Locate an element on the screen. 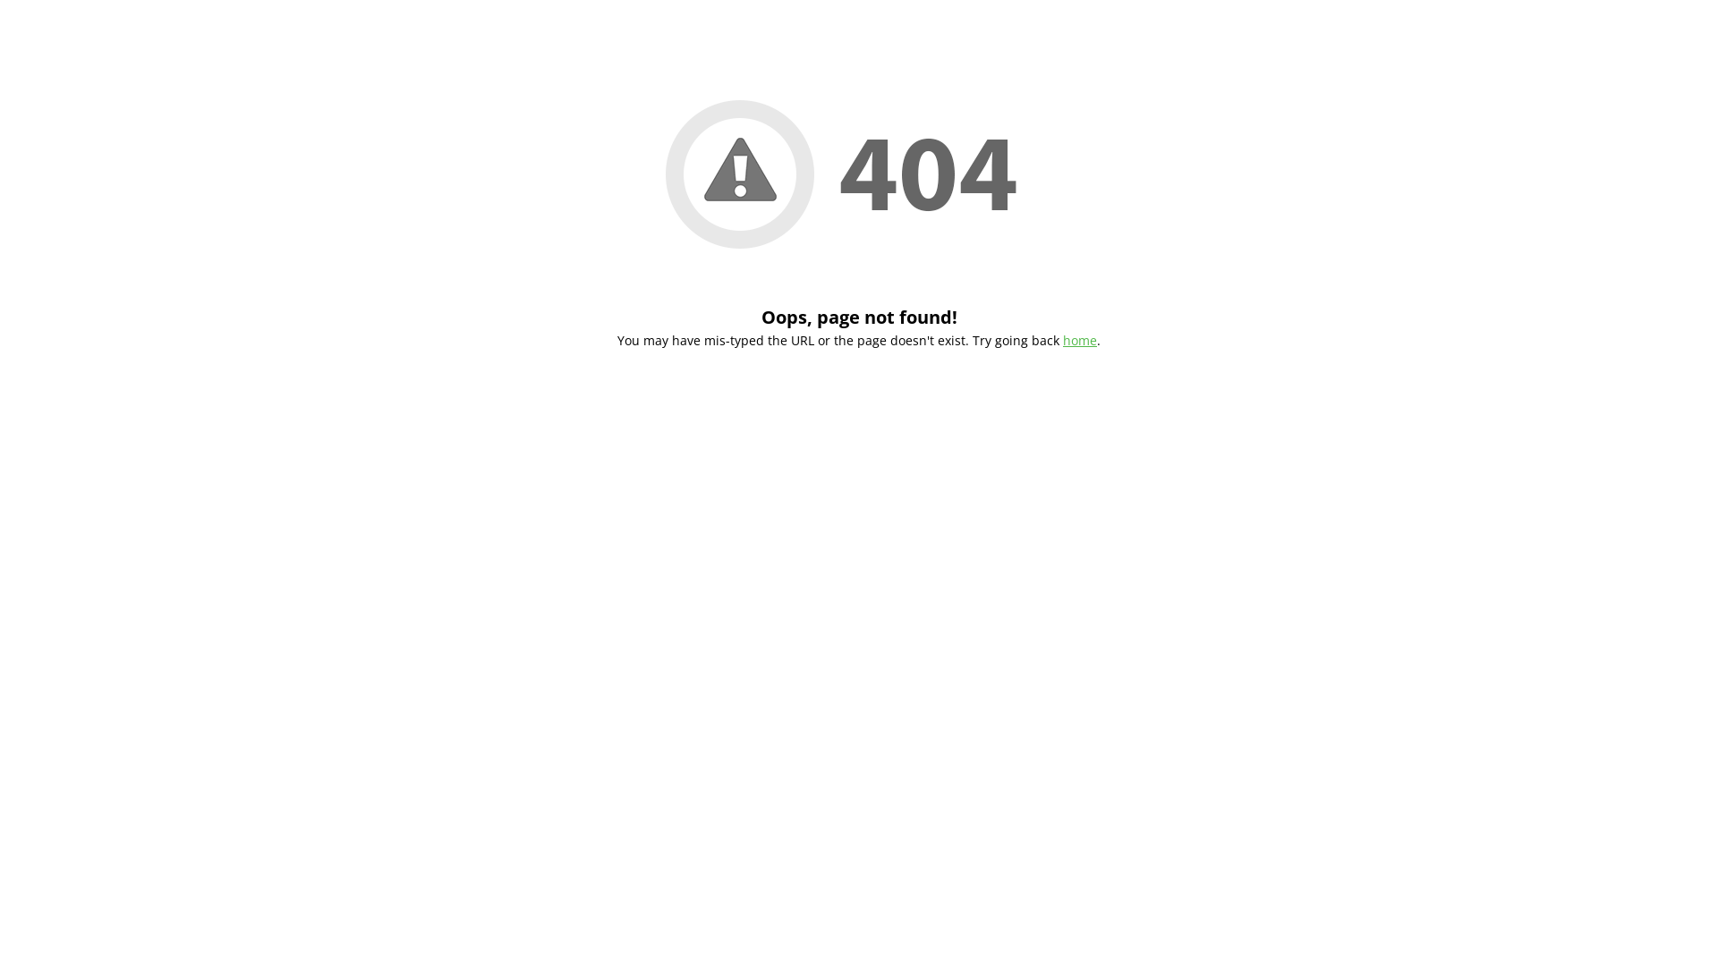 The width and height of the screenshot is (1718, 966). 'home' is located at coordinates (1078, 340).